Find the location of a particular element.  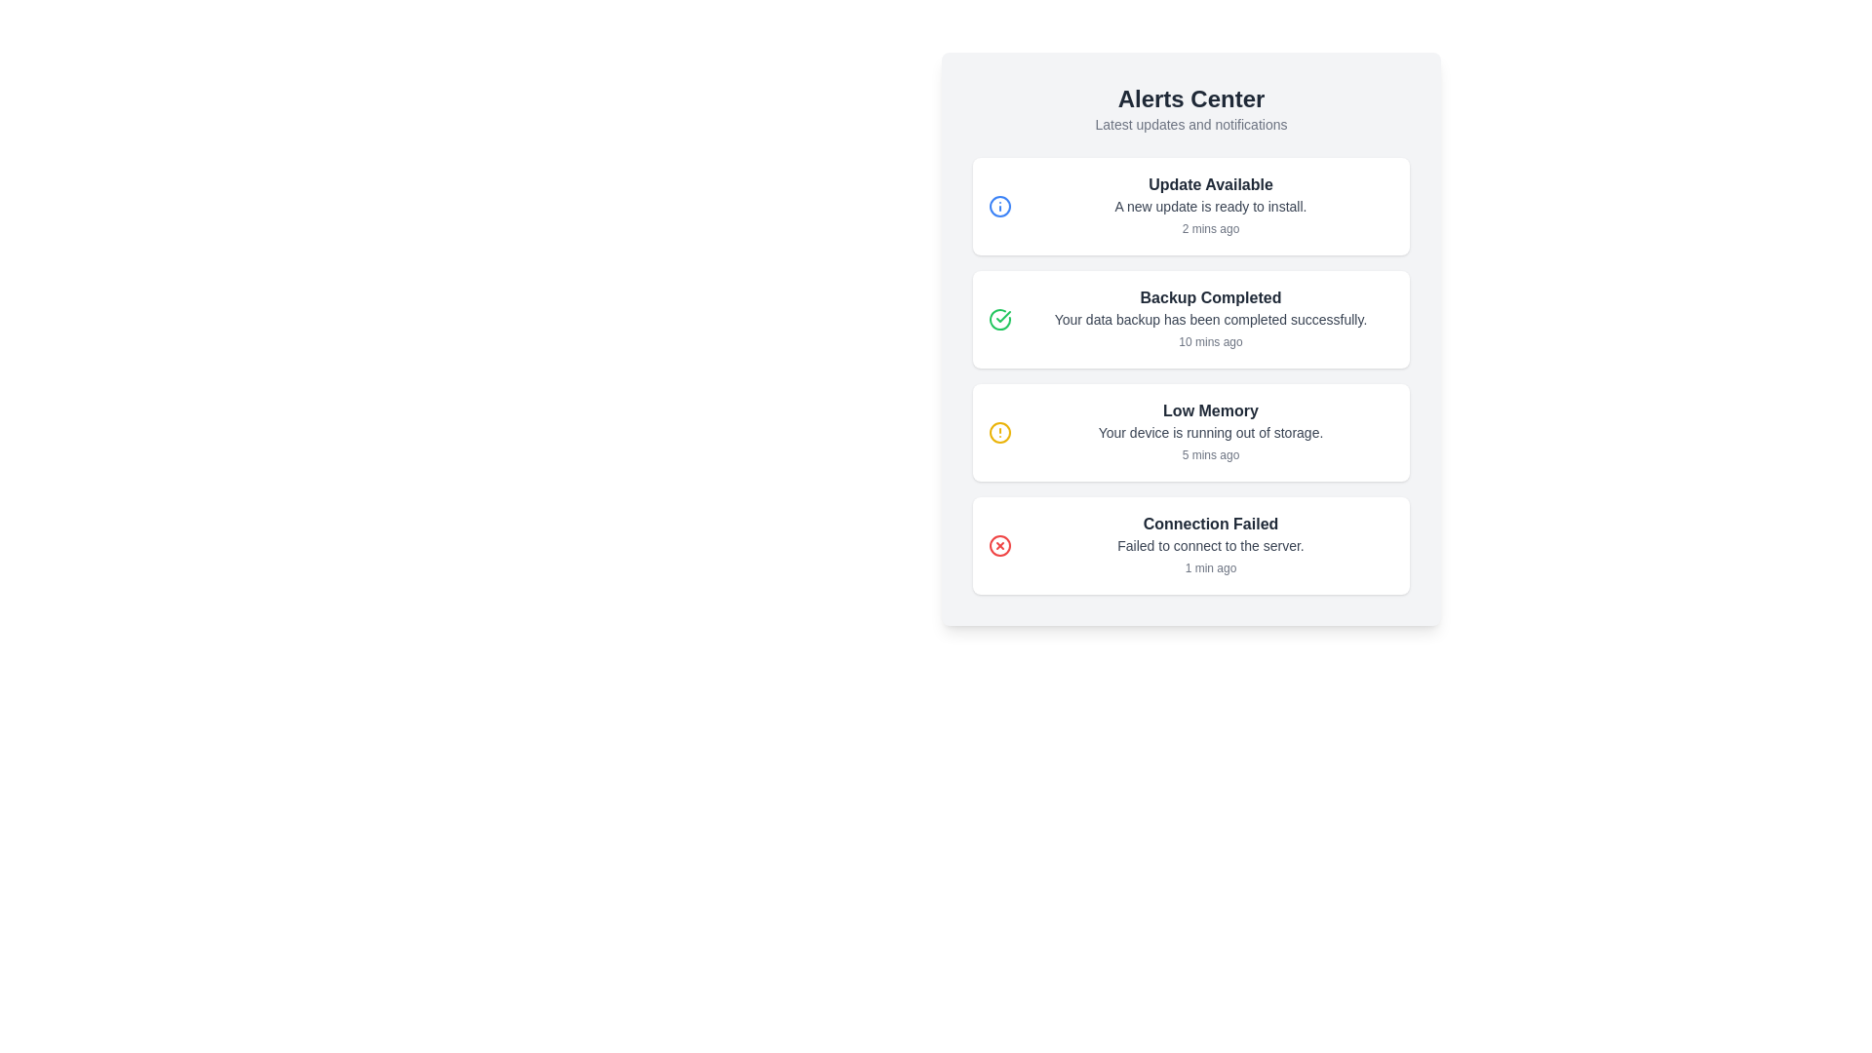

text label providing details about the notification titled 'Low Memory', which informs the user about the device running low on storage, positioned below the title and above the timestamp is located at coordinates (1210, 431).